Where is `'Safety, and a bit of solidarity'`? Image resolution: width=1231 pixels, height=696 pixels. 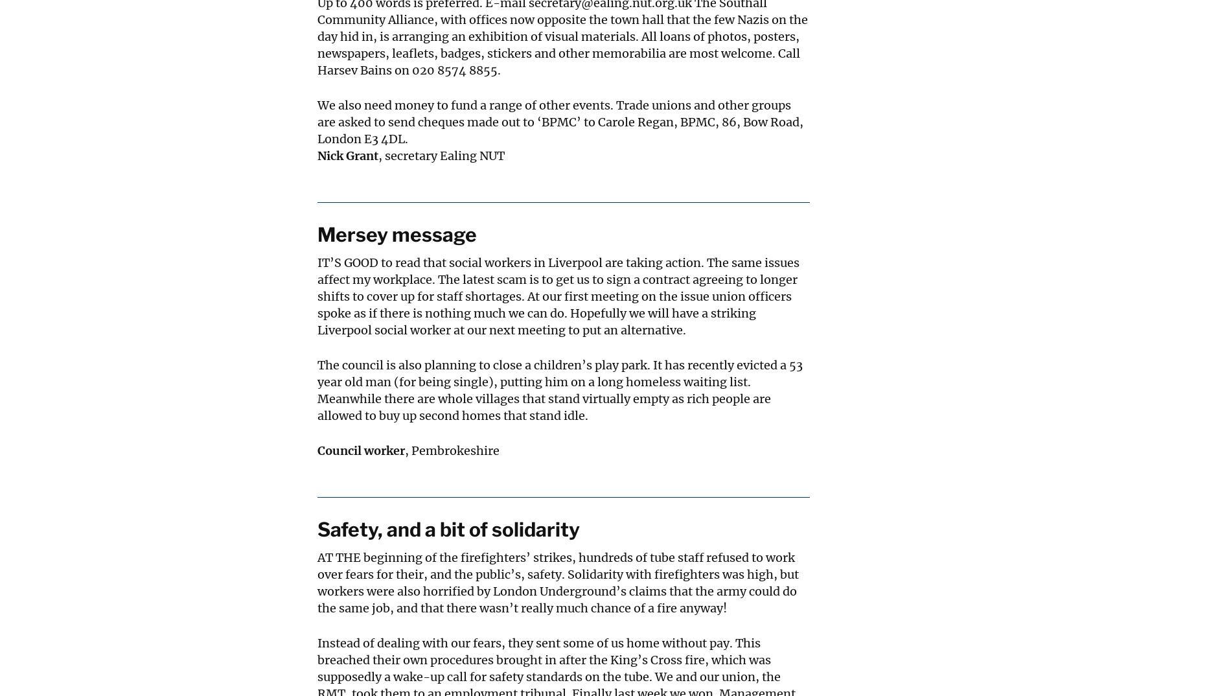
'Safety, and a bit of solidarity' is located at coordinates (317, 529).